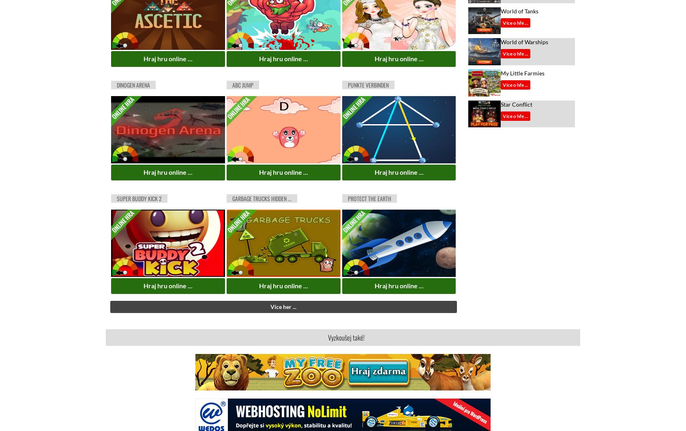 This screenshot has height=431, width=686. I want to click on 'Více her ...', so click(283, 306).